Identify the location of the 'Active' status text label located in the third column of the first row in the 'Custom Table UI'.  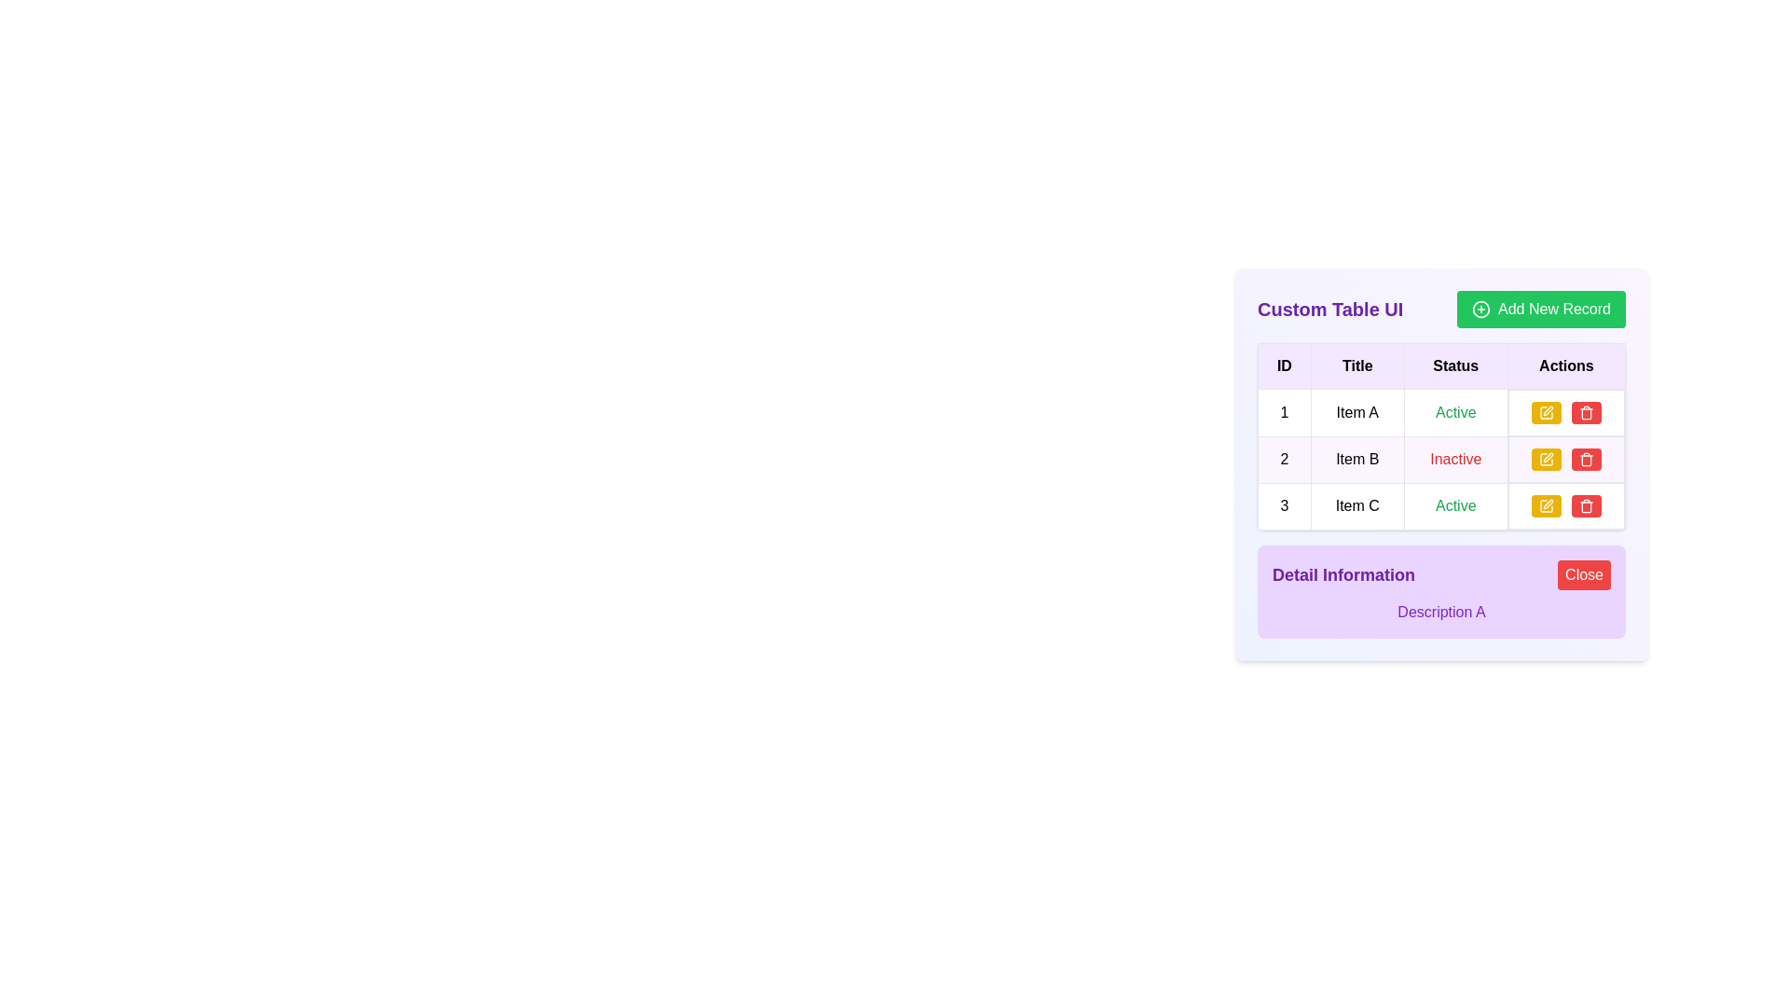
(1454, 411).